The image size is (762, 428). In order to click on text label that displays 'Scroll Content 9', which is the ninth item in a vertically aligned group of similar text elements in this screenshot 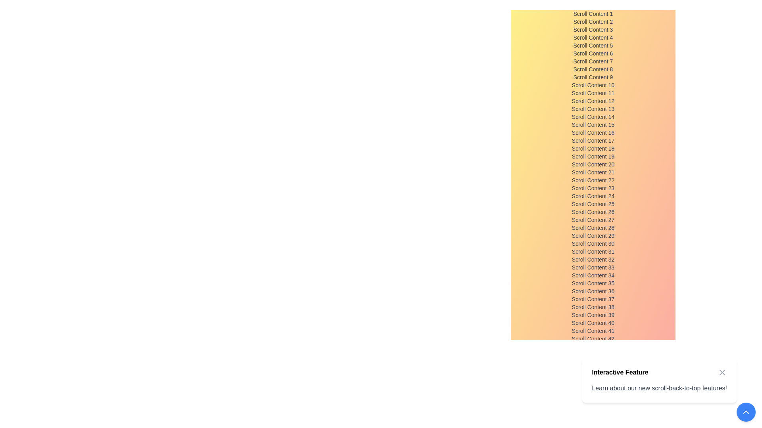, I will do `click(593, 77)`.